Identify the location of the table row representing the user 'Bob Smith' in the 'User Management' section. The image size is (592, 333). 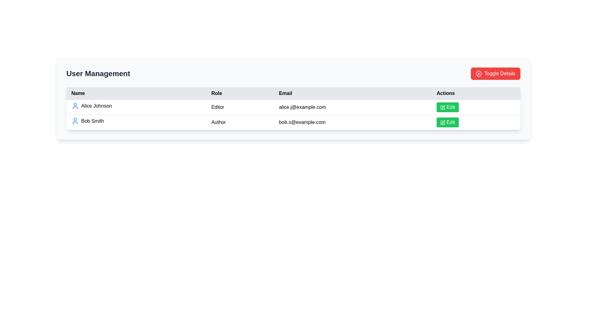
(293, 122).